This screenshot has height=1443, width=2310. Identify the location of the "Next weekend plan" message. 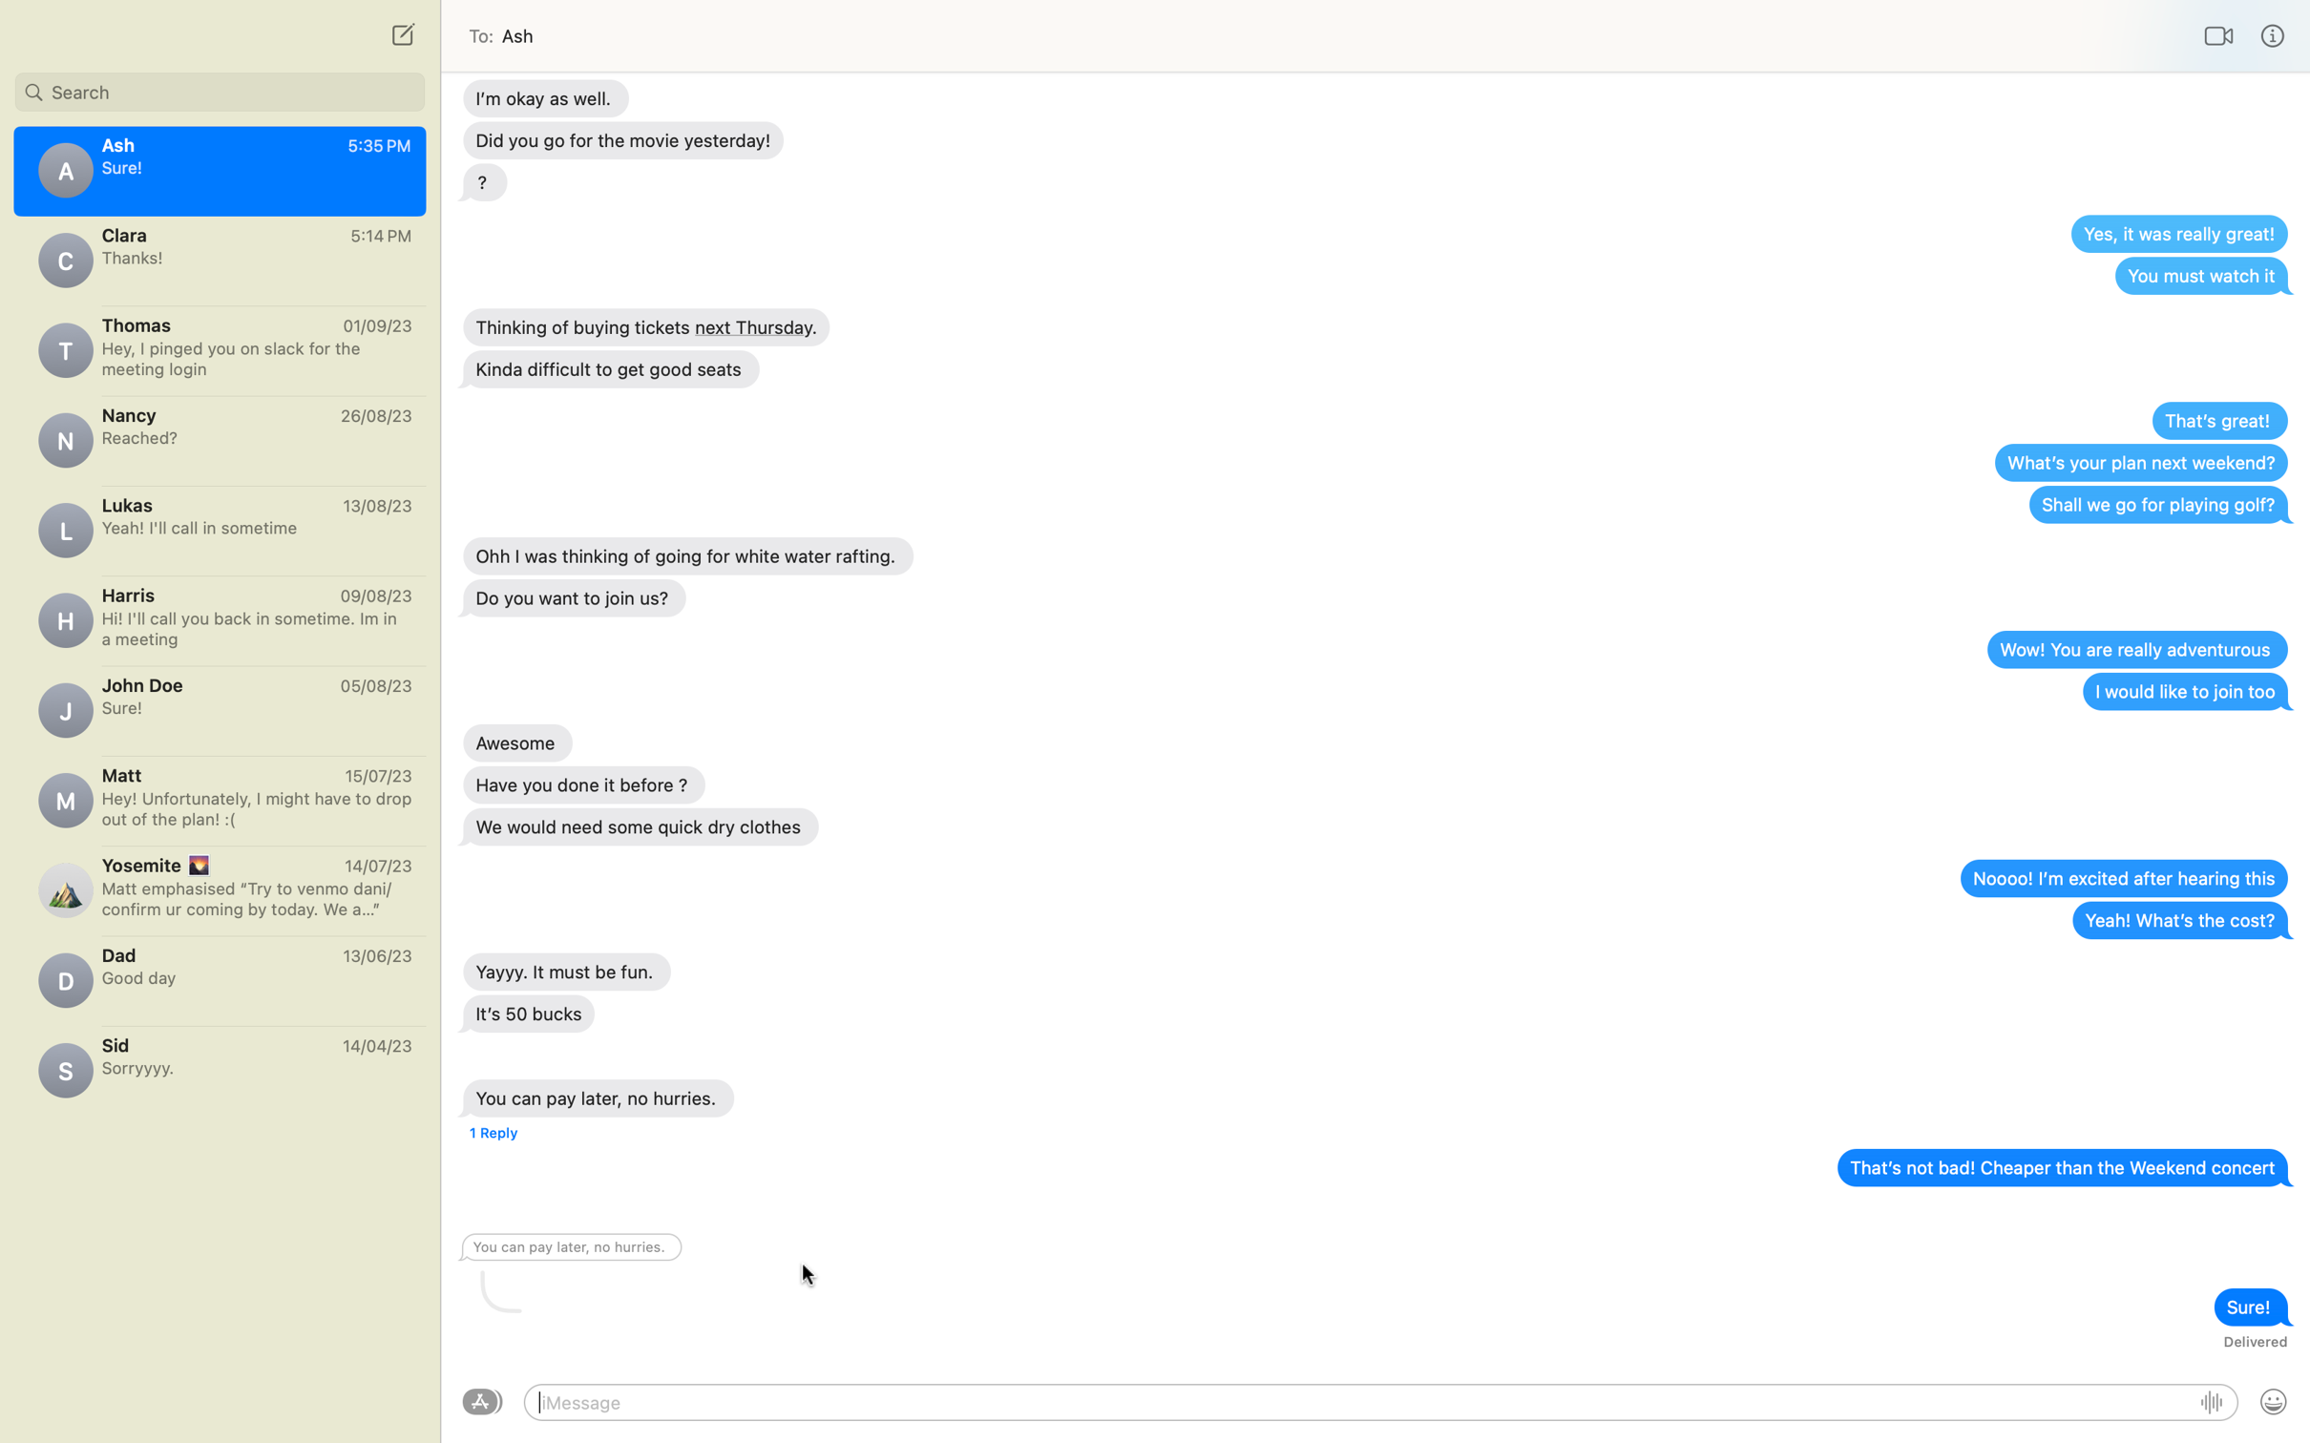
(2139, 461).